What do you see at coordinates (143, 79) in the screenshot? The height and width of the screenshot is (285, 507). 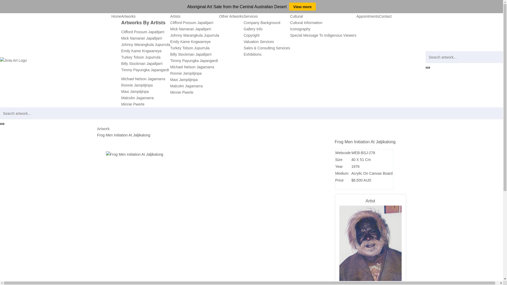 I see `'Michael Nelson Jagamarra'` at bounding box center [143, 79].